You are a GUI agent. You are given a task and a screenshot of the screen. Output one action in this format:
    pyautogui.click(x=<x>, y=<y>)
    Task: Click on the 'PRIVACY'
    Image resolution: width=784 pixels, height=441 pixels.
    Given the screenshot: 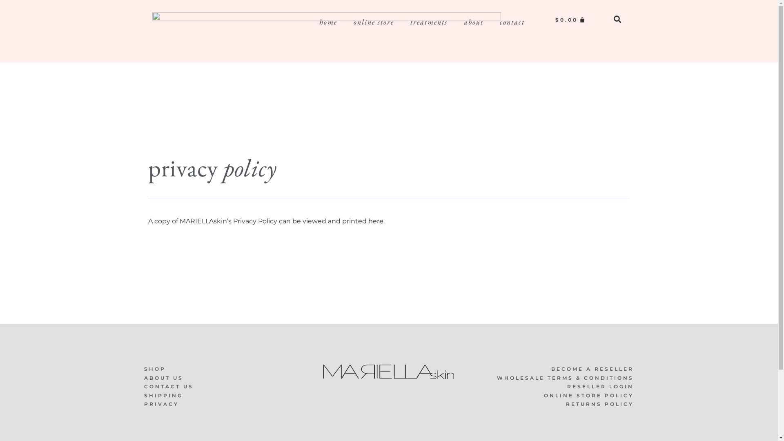 What is the action you would take?
    pyautogui.click(x=225, y=404)
    